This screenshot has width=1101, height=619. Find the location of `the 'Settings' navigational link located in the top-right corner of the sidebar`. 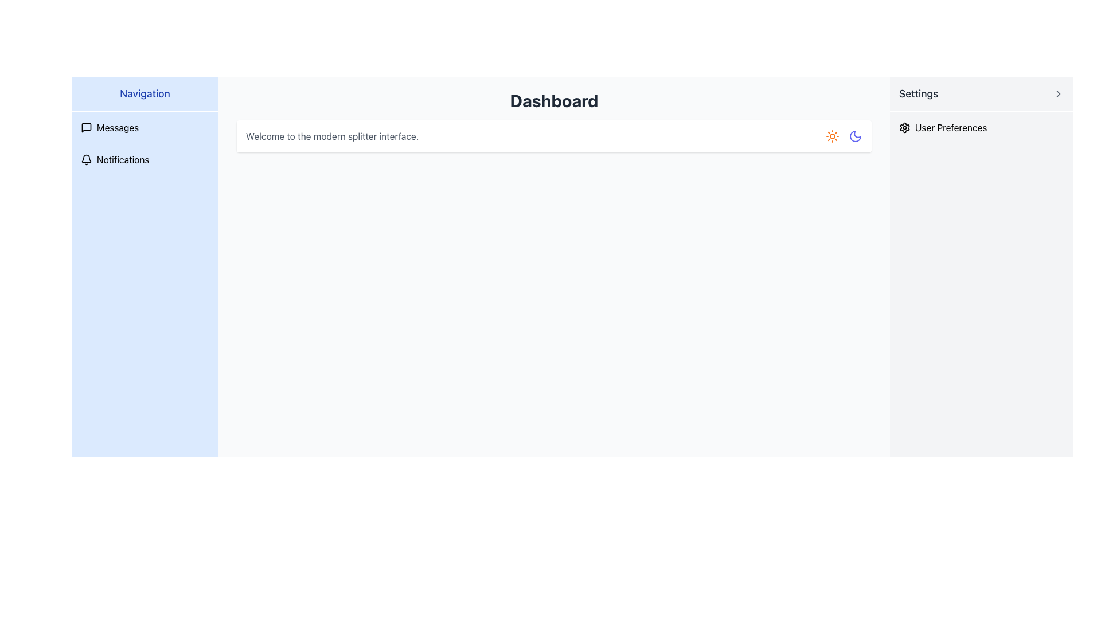

the 'Settings' navigational link located in the top-right corner of the sidebar is located at coordinates (981, 93).